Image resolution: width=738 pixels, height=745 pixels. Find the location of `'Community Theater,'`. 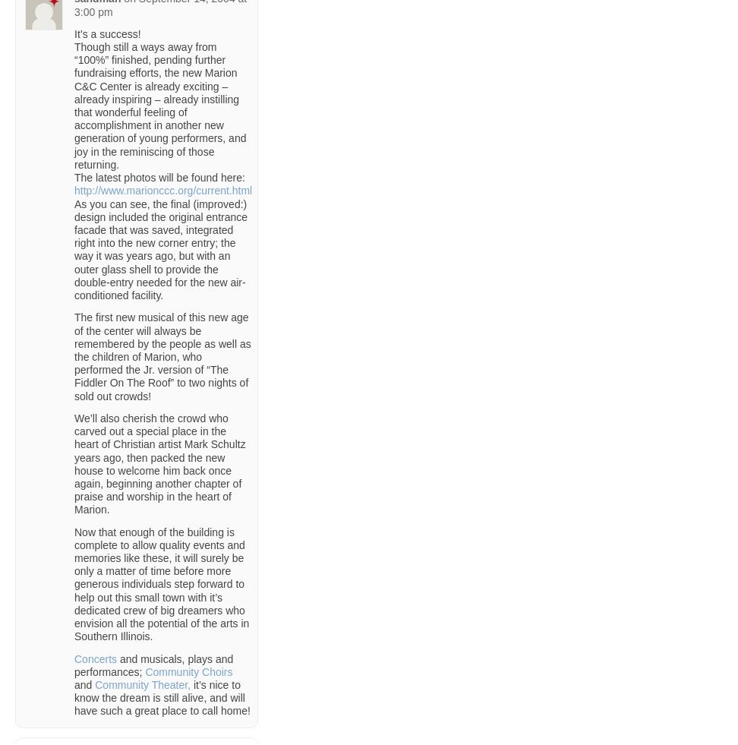

'Community Theater,' is located at coordinates (141, 685).